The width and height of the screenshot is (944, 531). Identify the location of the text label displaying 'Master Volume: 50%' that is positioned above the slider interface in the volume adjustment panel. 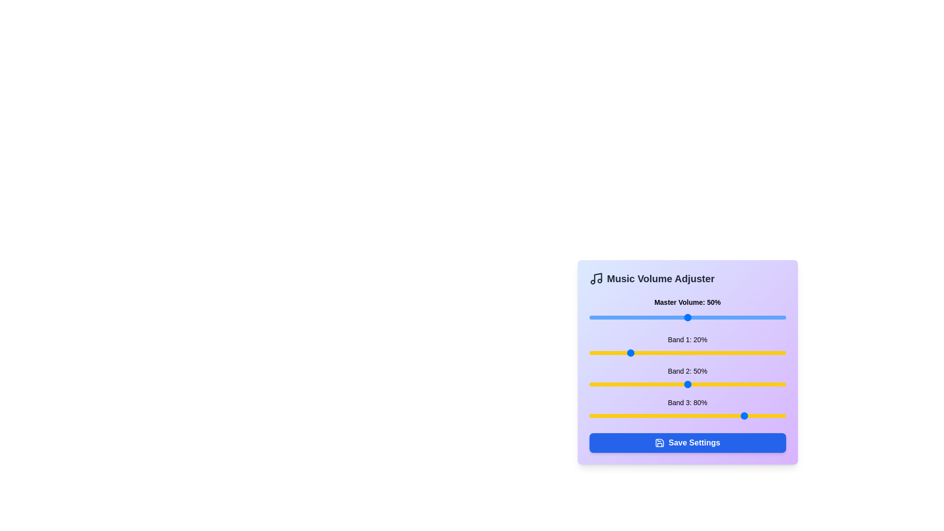
(687, 301).